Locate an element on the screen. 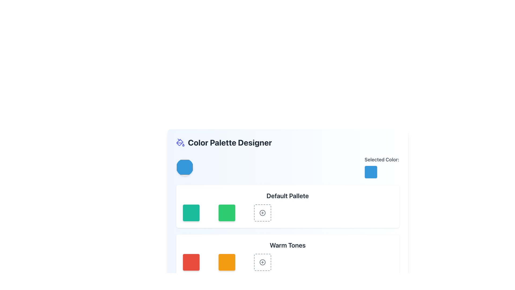 The image size is (515, 290). the blue circular color swatch, which is prominently positioned is located at coordinates (185, 167).